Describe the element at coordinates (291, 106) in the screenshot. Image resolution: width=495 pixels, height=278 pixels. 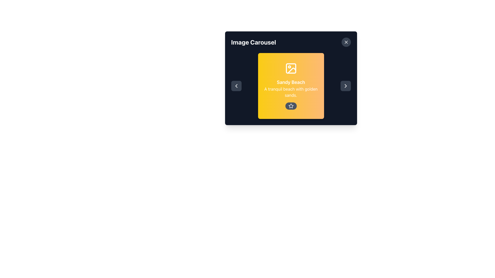
I see `the star icon located in the lower section of the yellow content card, below the text 'Sandy Beach', to mark the content as a favorite or rate it` at that location.